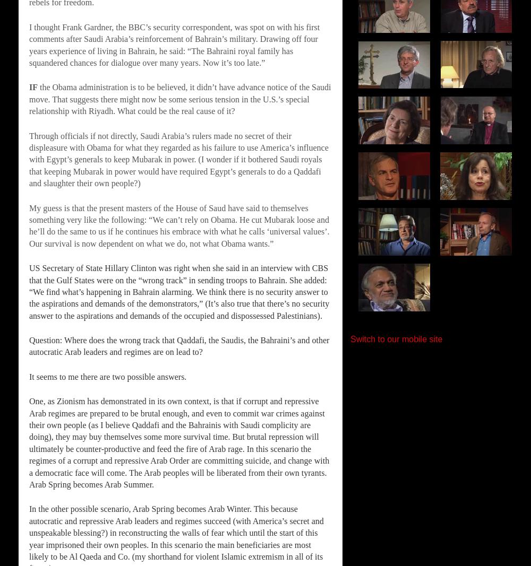  What do you see at coordinates (178, 346) in the screenshot?
I see `'Question: Where does the wrong track that Qaddafi, the Saudis, the Bahraini’s and other autocratic Arab leaders and regimes are on lead to?'` at bounding box center [178, 346].